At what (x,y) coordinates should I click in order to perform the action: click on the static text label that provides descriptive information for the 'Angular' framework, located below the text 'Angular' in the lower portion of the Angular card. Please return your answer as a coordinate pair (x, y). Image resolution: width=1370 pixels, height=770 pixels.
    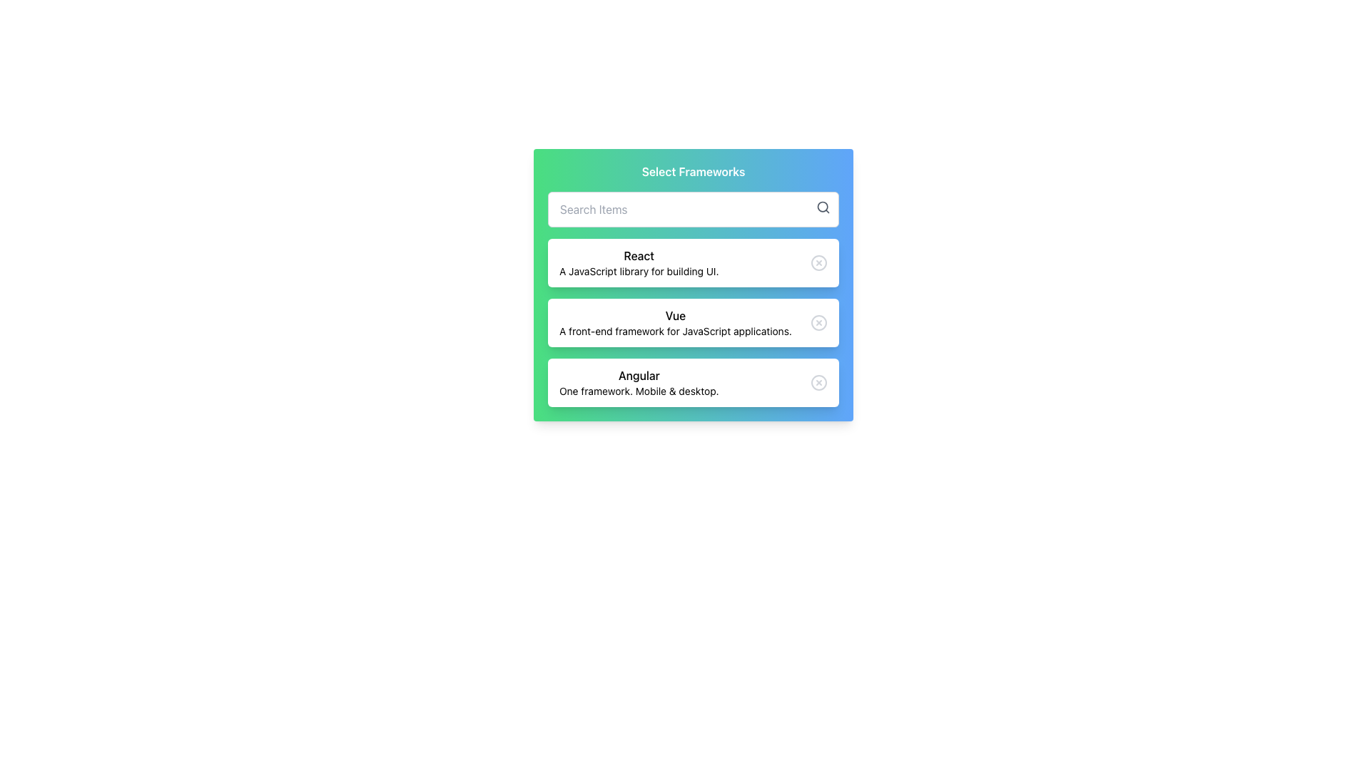
    Looking at the image, I should click on (638, 391).